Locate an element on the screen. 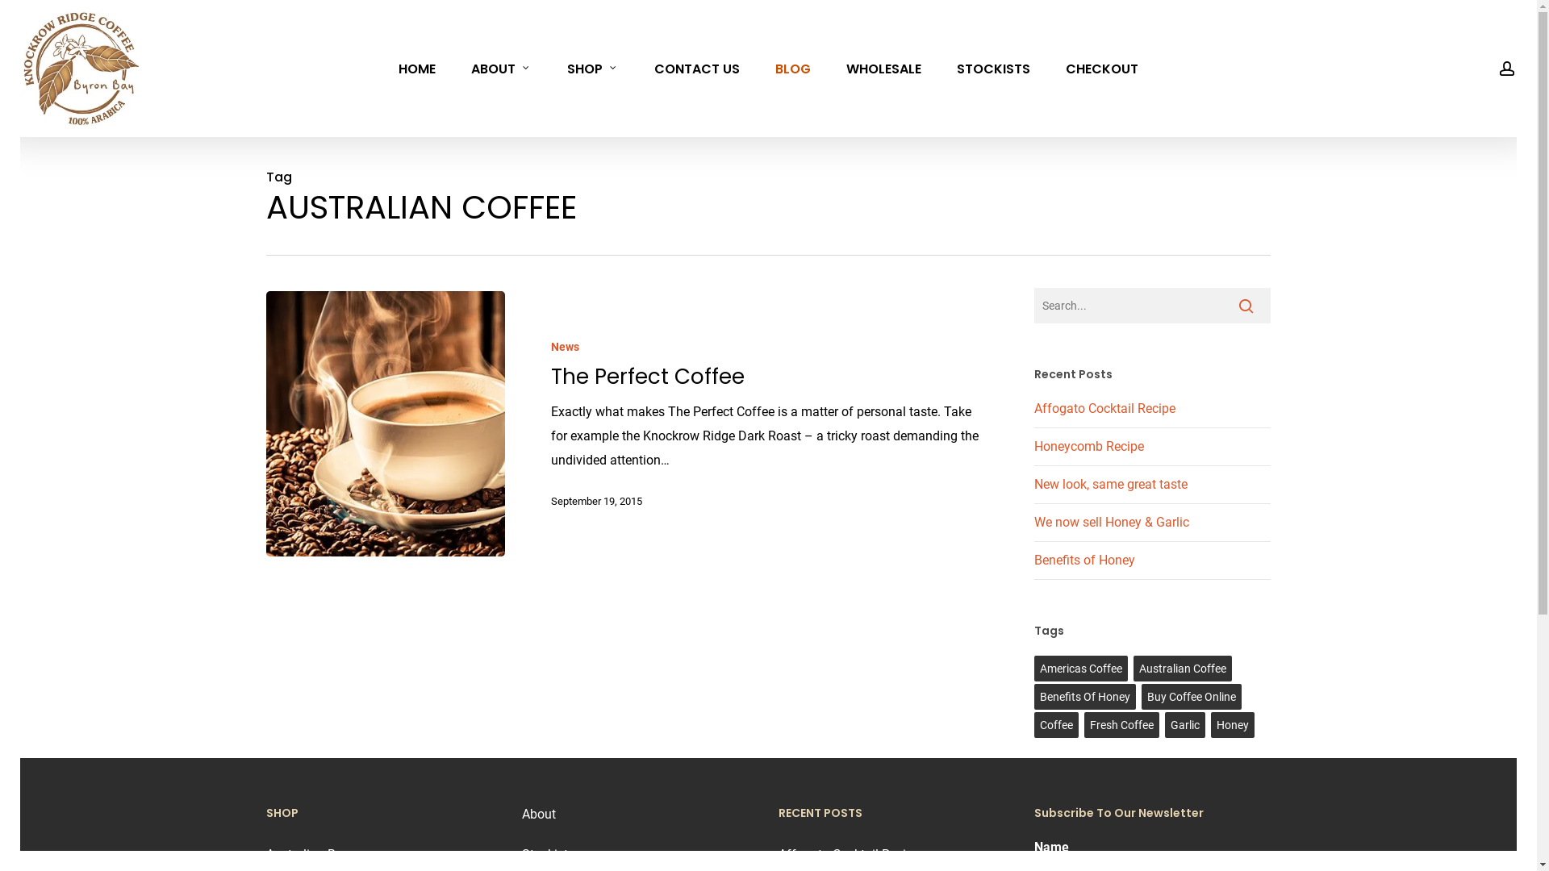 This screenshot has height=871, width=1549. 'Affogato Cocktail Recipe' is located at coordinates (848, 853).